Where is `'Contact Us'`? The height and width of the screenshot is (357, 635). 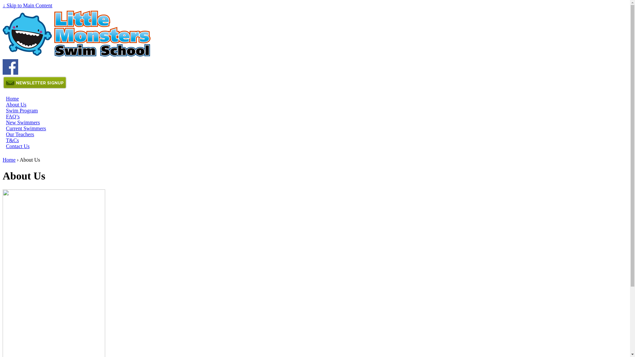 'Contact Us' is located at coordinates (18, 146).